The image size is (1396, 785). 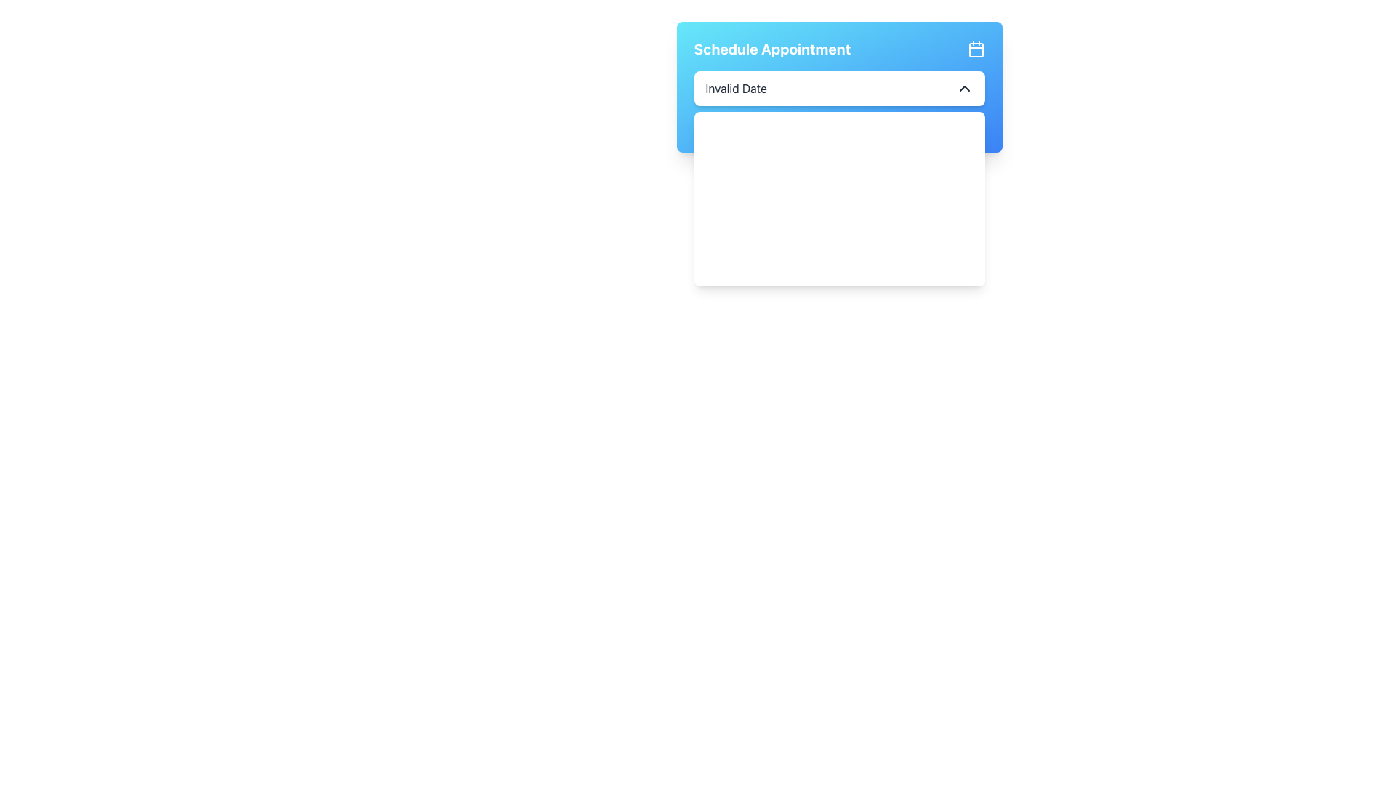 What do you see at coordinates (976, 49) in the screenshot?
I see `the calendar icon with a blue background and white design located in the top-right corner next to the 'Schedule Appointment' title` at bounding box center [976, 49].